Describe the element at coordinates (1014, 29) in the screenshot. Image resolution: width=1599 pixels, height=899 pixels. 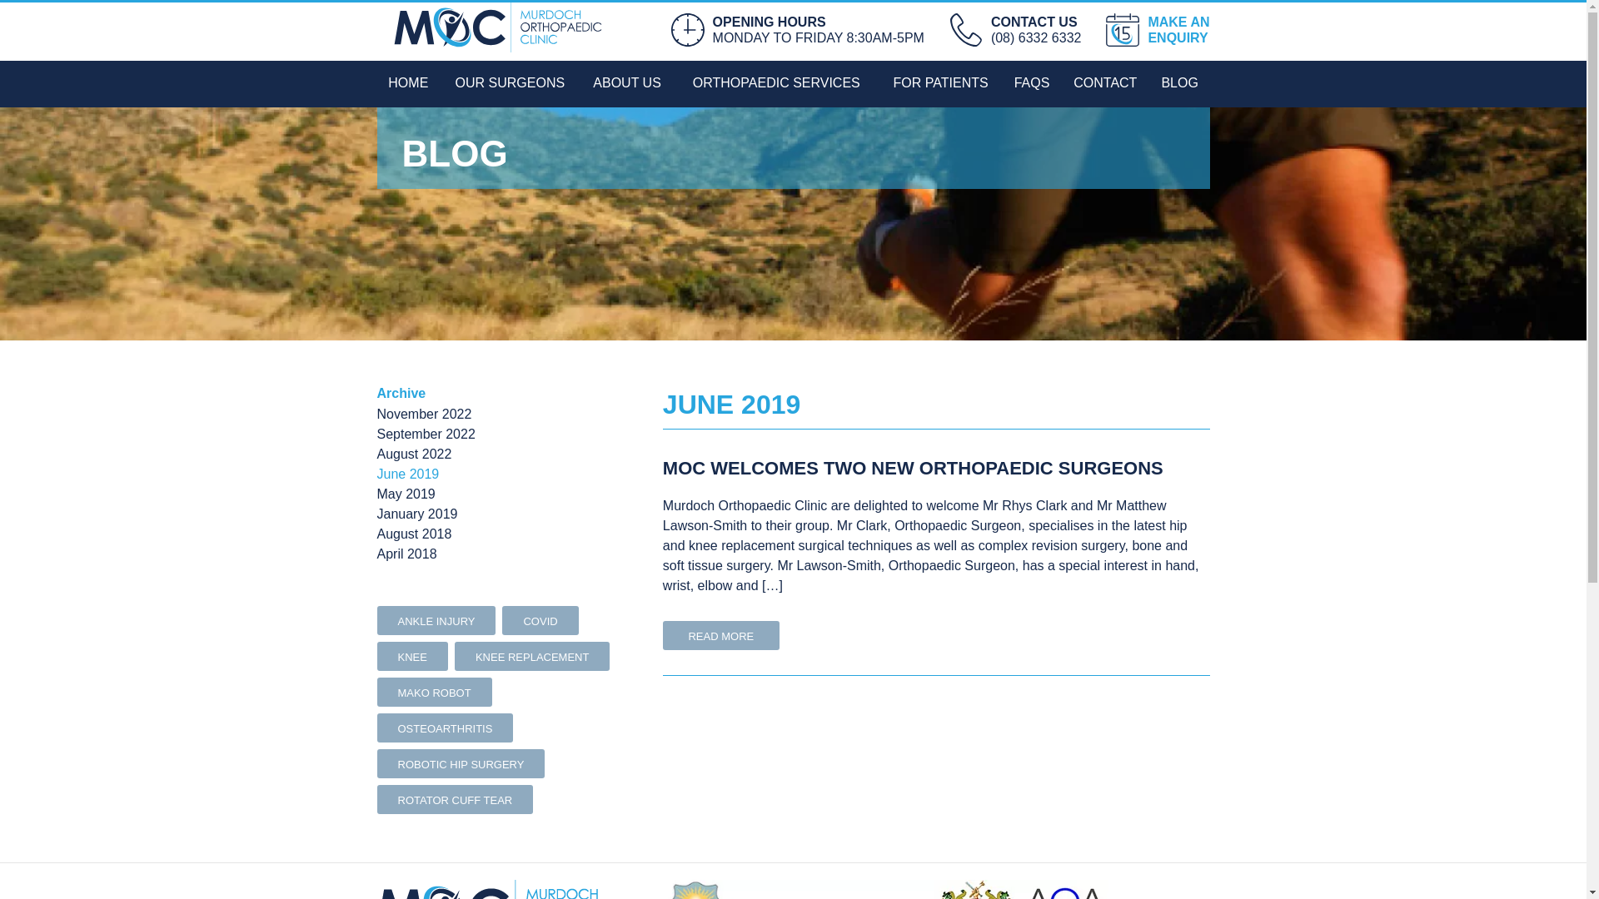
I see `'CONTACT US` at that location.